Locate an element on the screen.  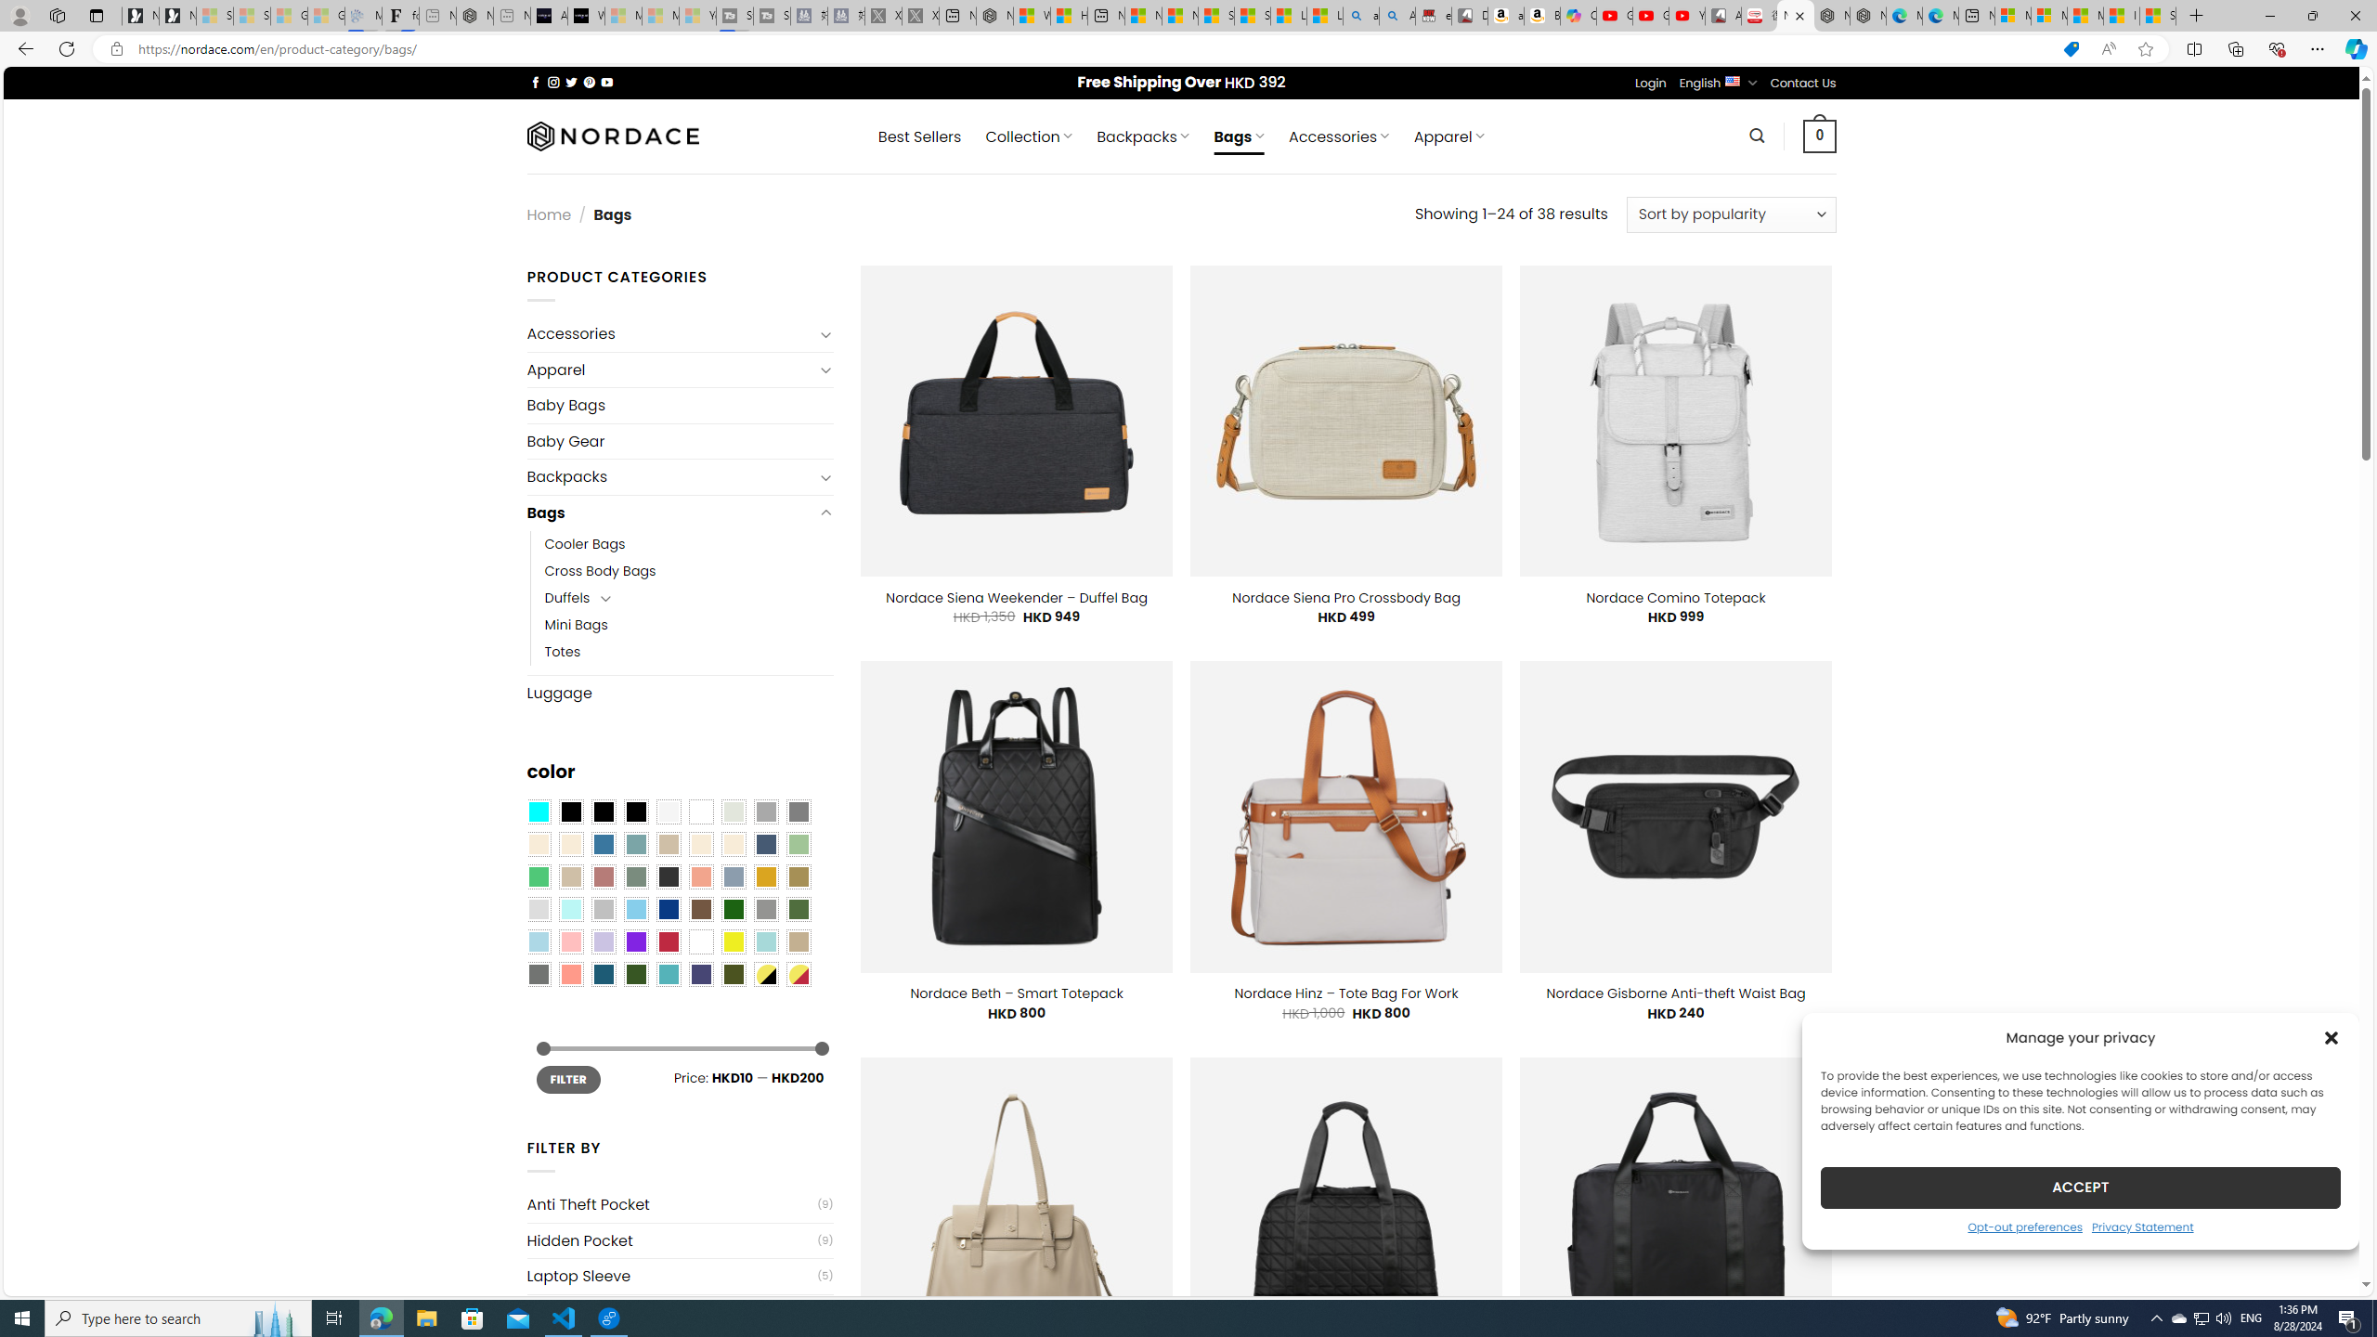
'Class: cmplz-close' is located at coordinates (2332, 1037).